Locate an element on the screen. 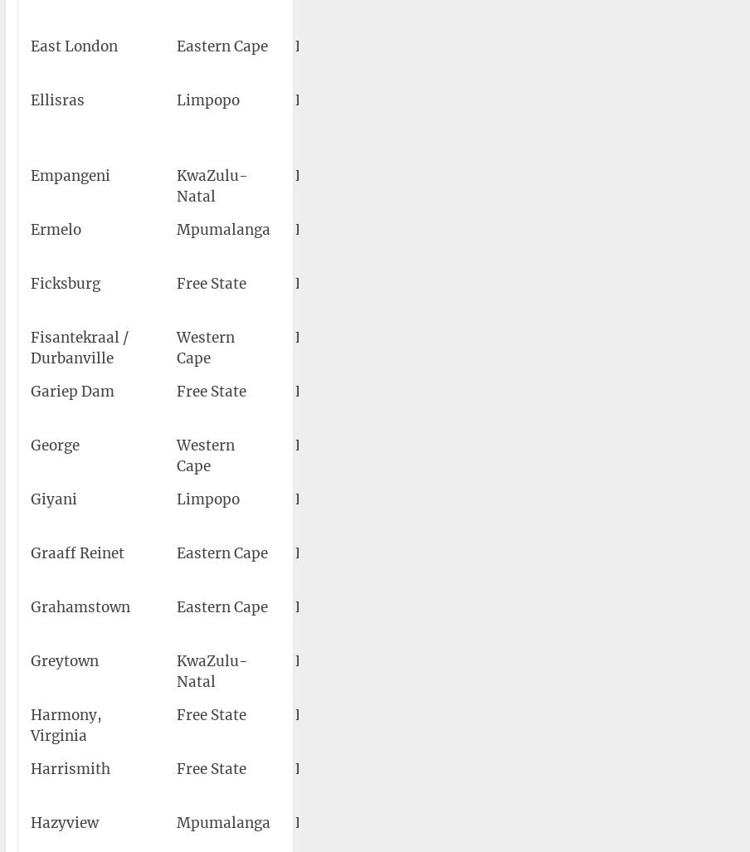 The image size is (750, 852). 'East London Airport' is located at coordinates (473, 56).